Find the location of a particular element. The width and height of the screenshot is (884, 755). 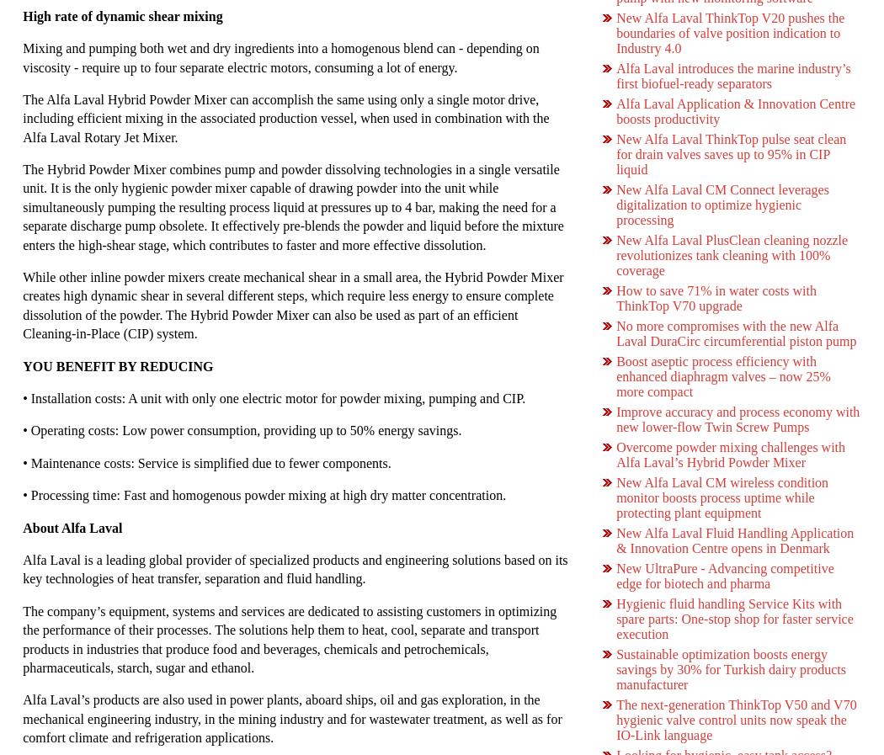

'Mixing and pumping both wet and dry ingredients into a homogenous blend can - depending on viscosity - require up to four separate electric motors, consuming a lot of energy.' is located at coordinates (280, 56).